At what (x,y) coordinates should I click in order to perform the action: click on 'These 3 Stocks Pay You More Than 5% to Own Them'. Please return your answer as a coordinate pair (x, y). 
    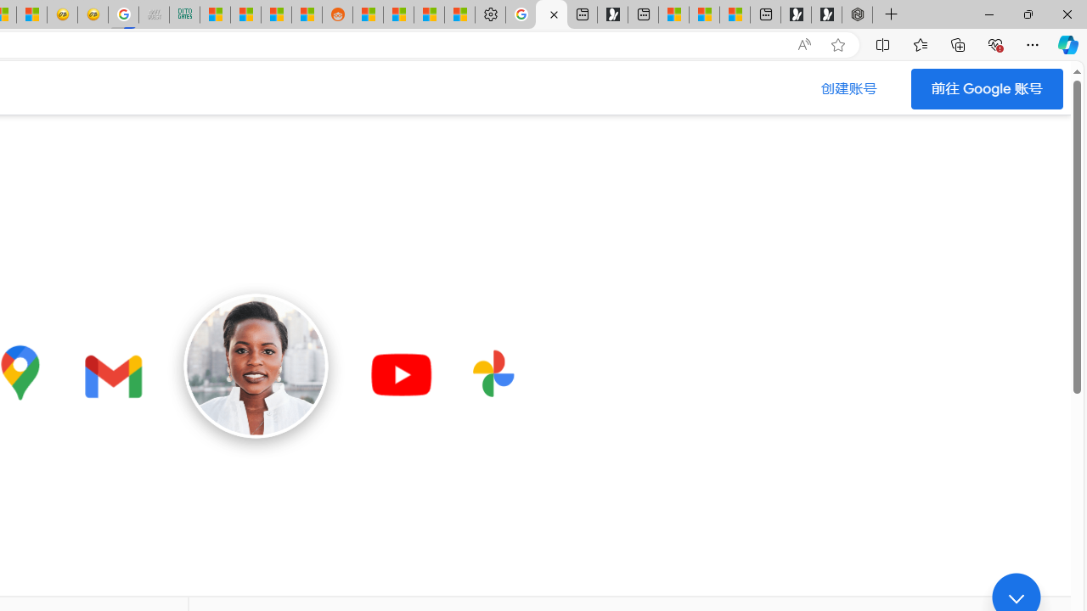
    Looking at the image, I should click on (735, 14).